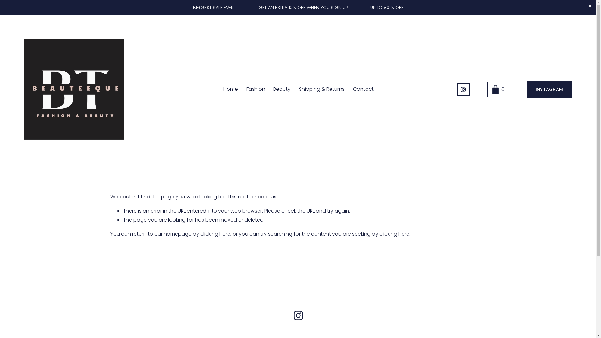 The width and height of the screenshot is (601, 338). Describe the element at coordinates (281, 89) in the screenshot. I see `'Beauty'` at that location.